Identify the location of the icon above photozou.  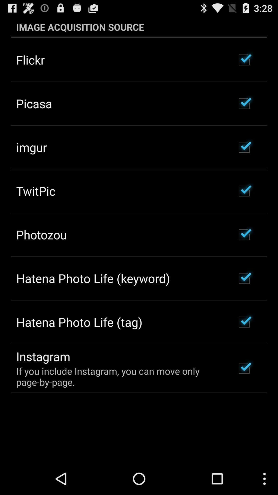
(36, 191).